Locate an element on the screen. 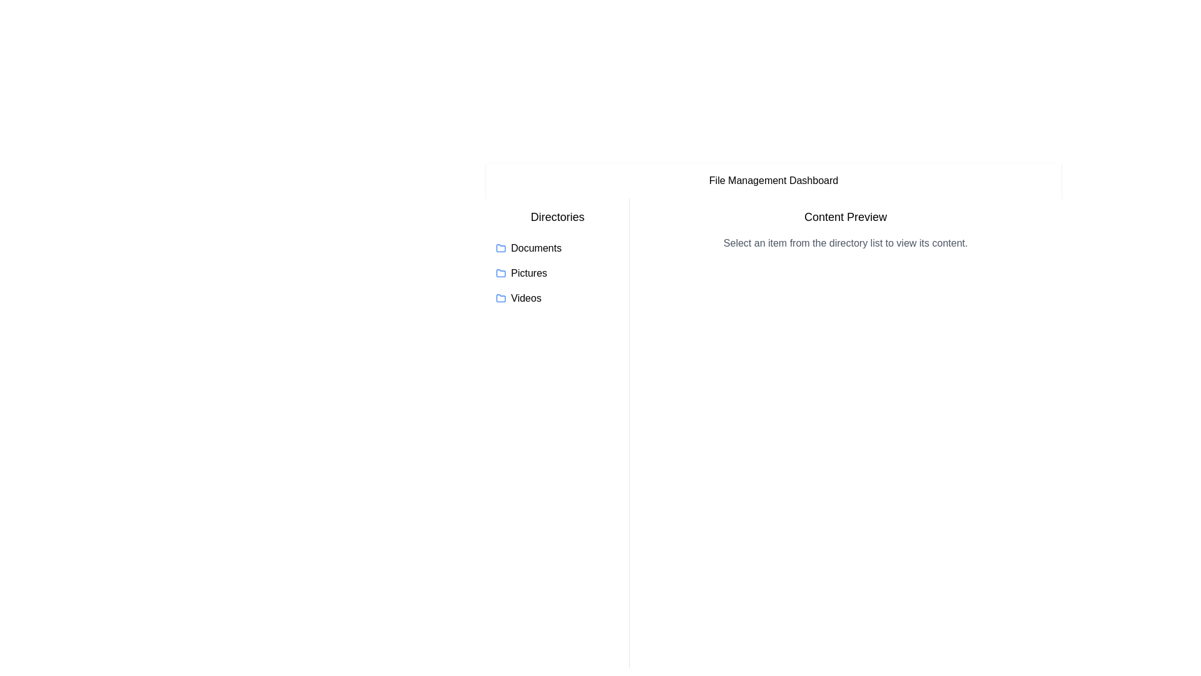 The image size is (1201, 676). the header text label that introduces the content section, located above the text 'Select an item from the directory list is located at coordinates (846, 217).